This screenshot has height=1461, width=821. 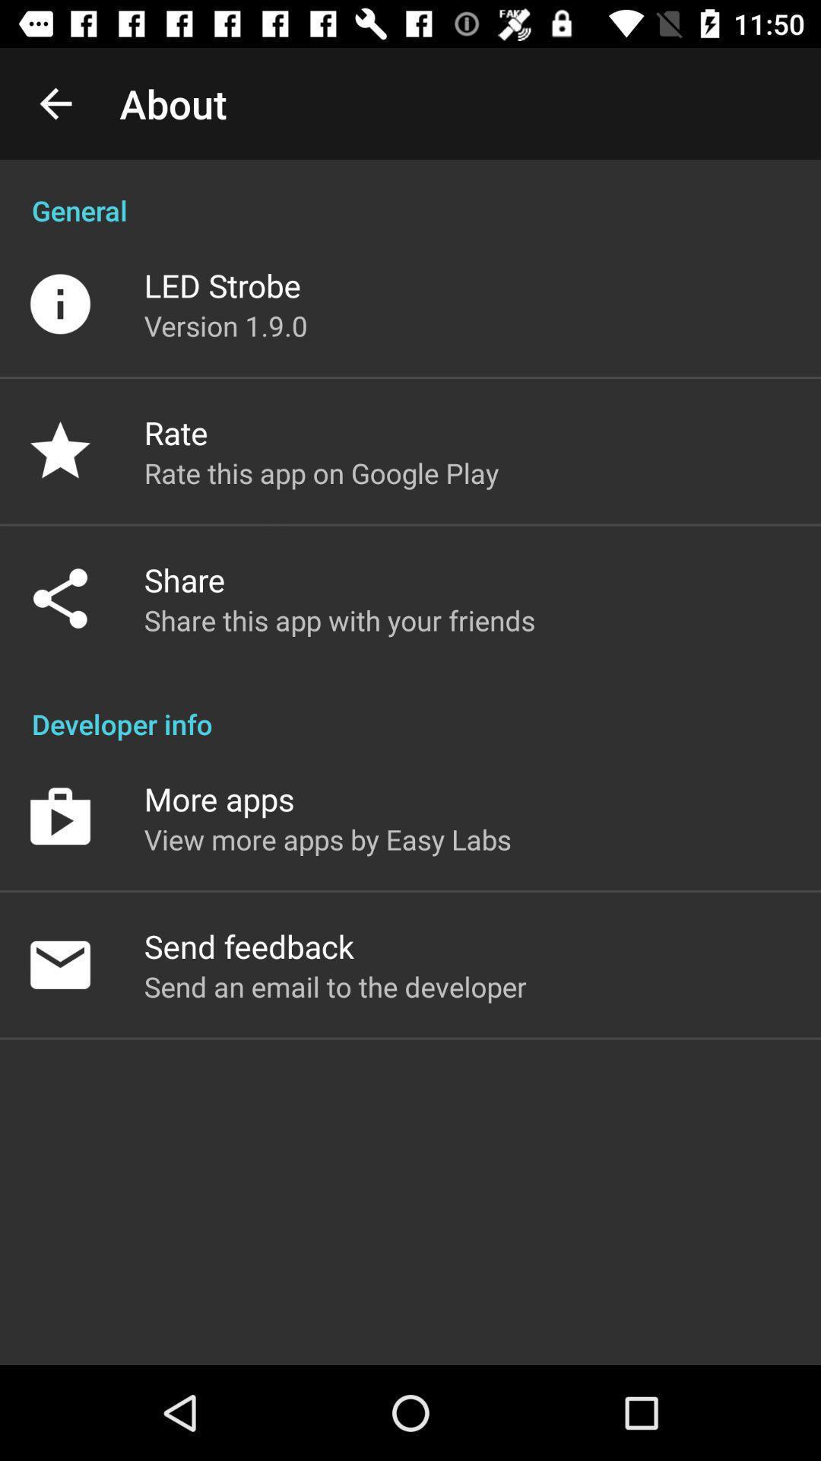 I want to click on app above the version 1 9 app, so click(x=222, y=285).